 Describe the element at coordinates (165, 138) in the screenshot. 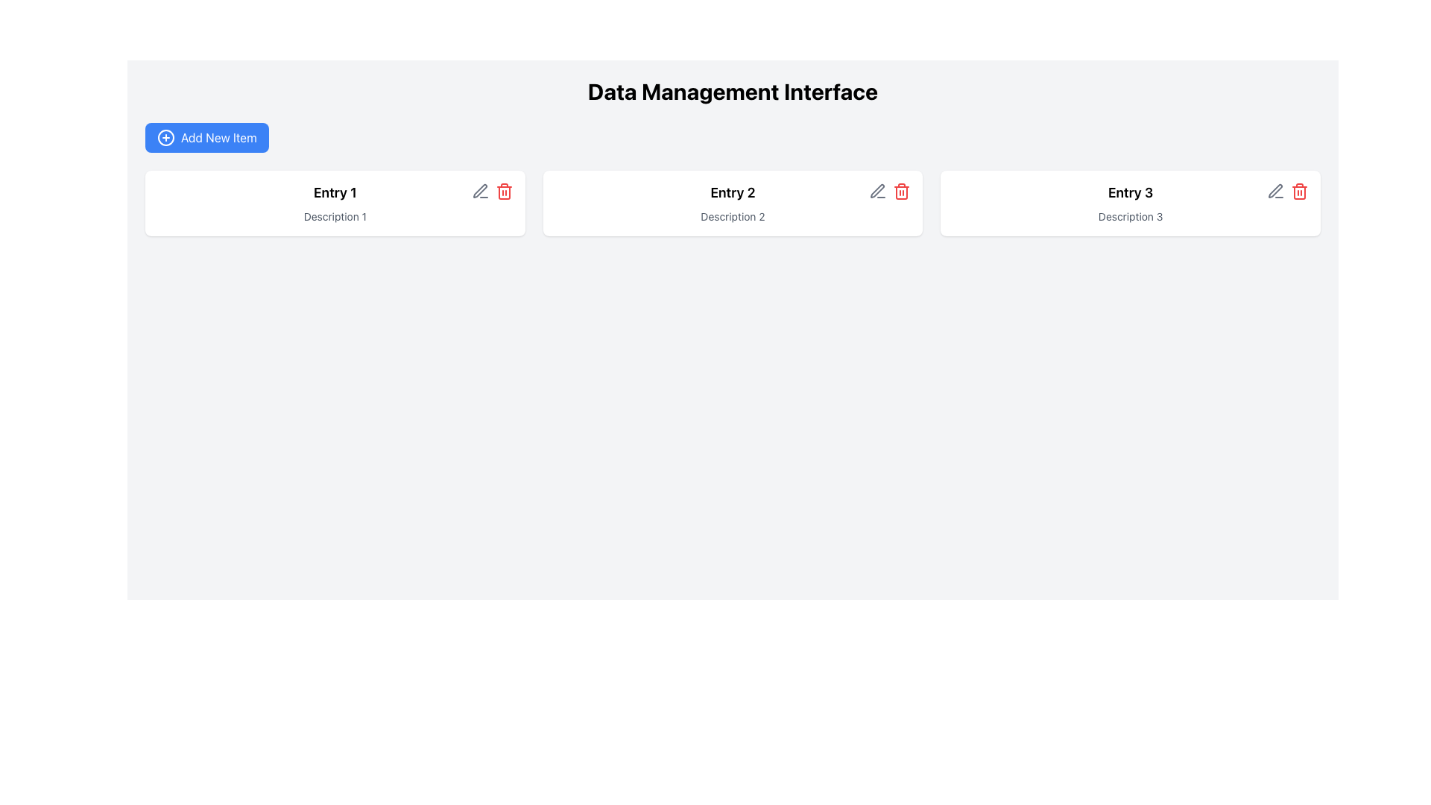

I see `the SVG Icon that is part of the 'Add New Item' button, which has a blue background and white text, located near the top-left of the interface` at that location.